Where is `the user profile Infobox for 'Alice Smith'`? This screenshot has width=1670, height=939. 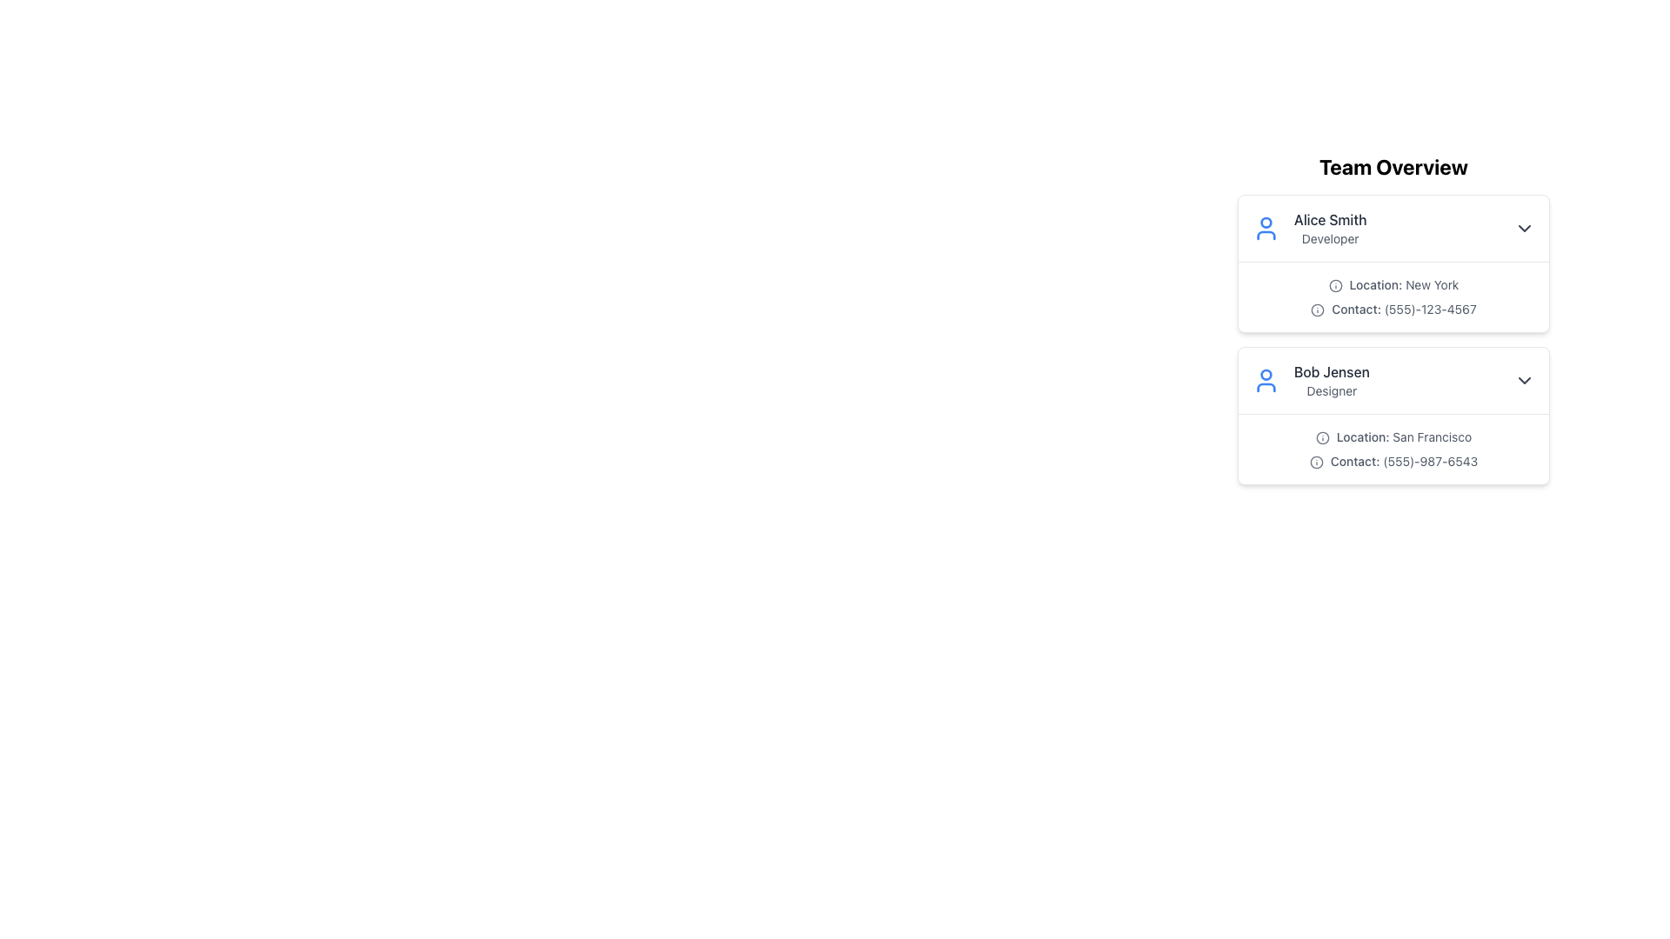 the user profile Infobox for 'Alice Smith' is located at coordinates (1393, 263).